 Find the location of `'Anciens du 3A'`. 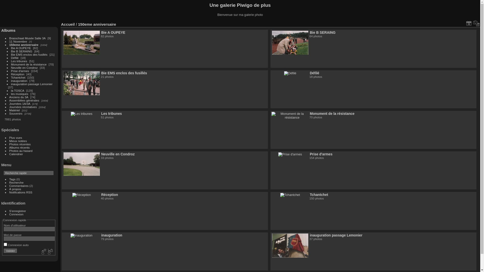

'Anciens du 3A' is located at coordinates (9, 97).